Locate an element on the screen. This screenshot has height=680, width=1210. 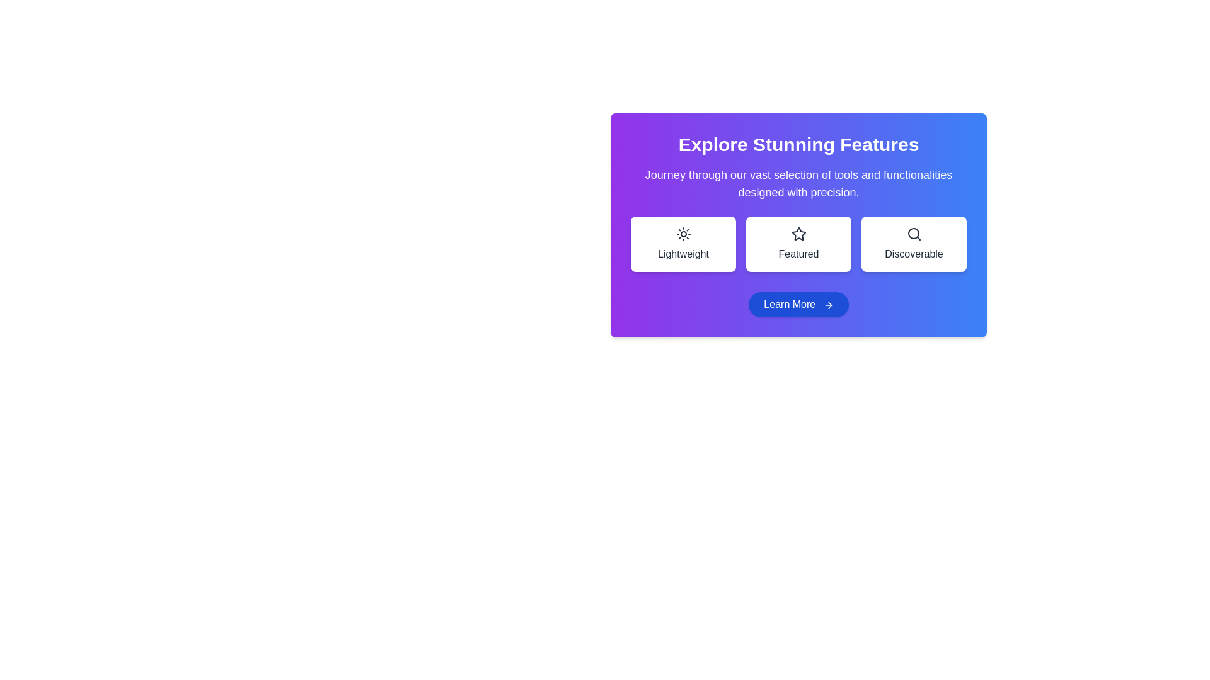
the star icon element located above the 'Featured' text label in the card component, which is centrally aligned among three horizontally arranged cards is located at coordinates (798, 234).